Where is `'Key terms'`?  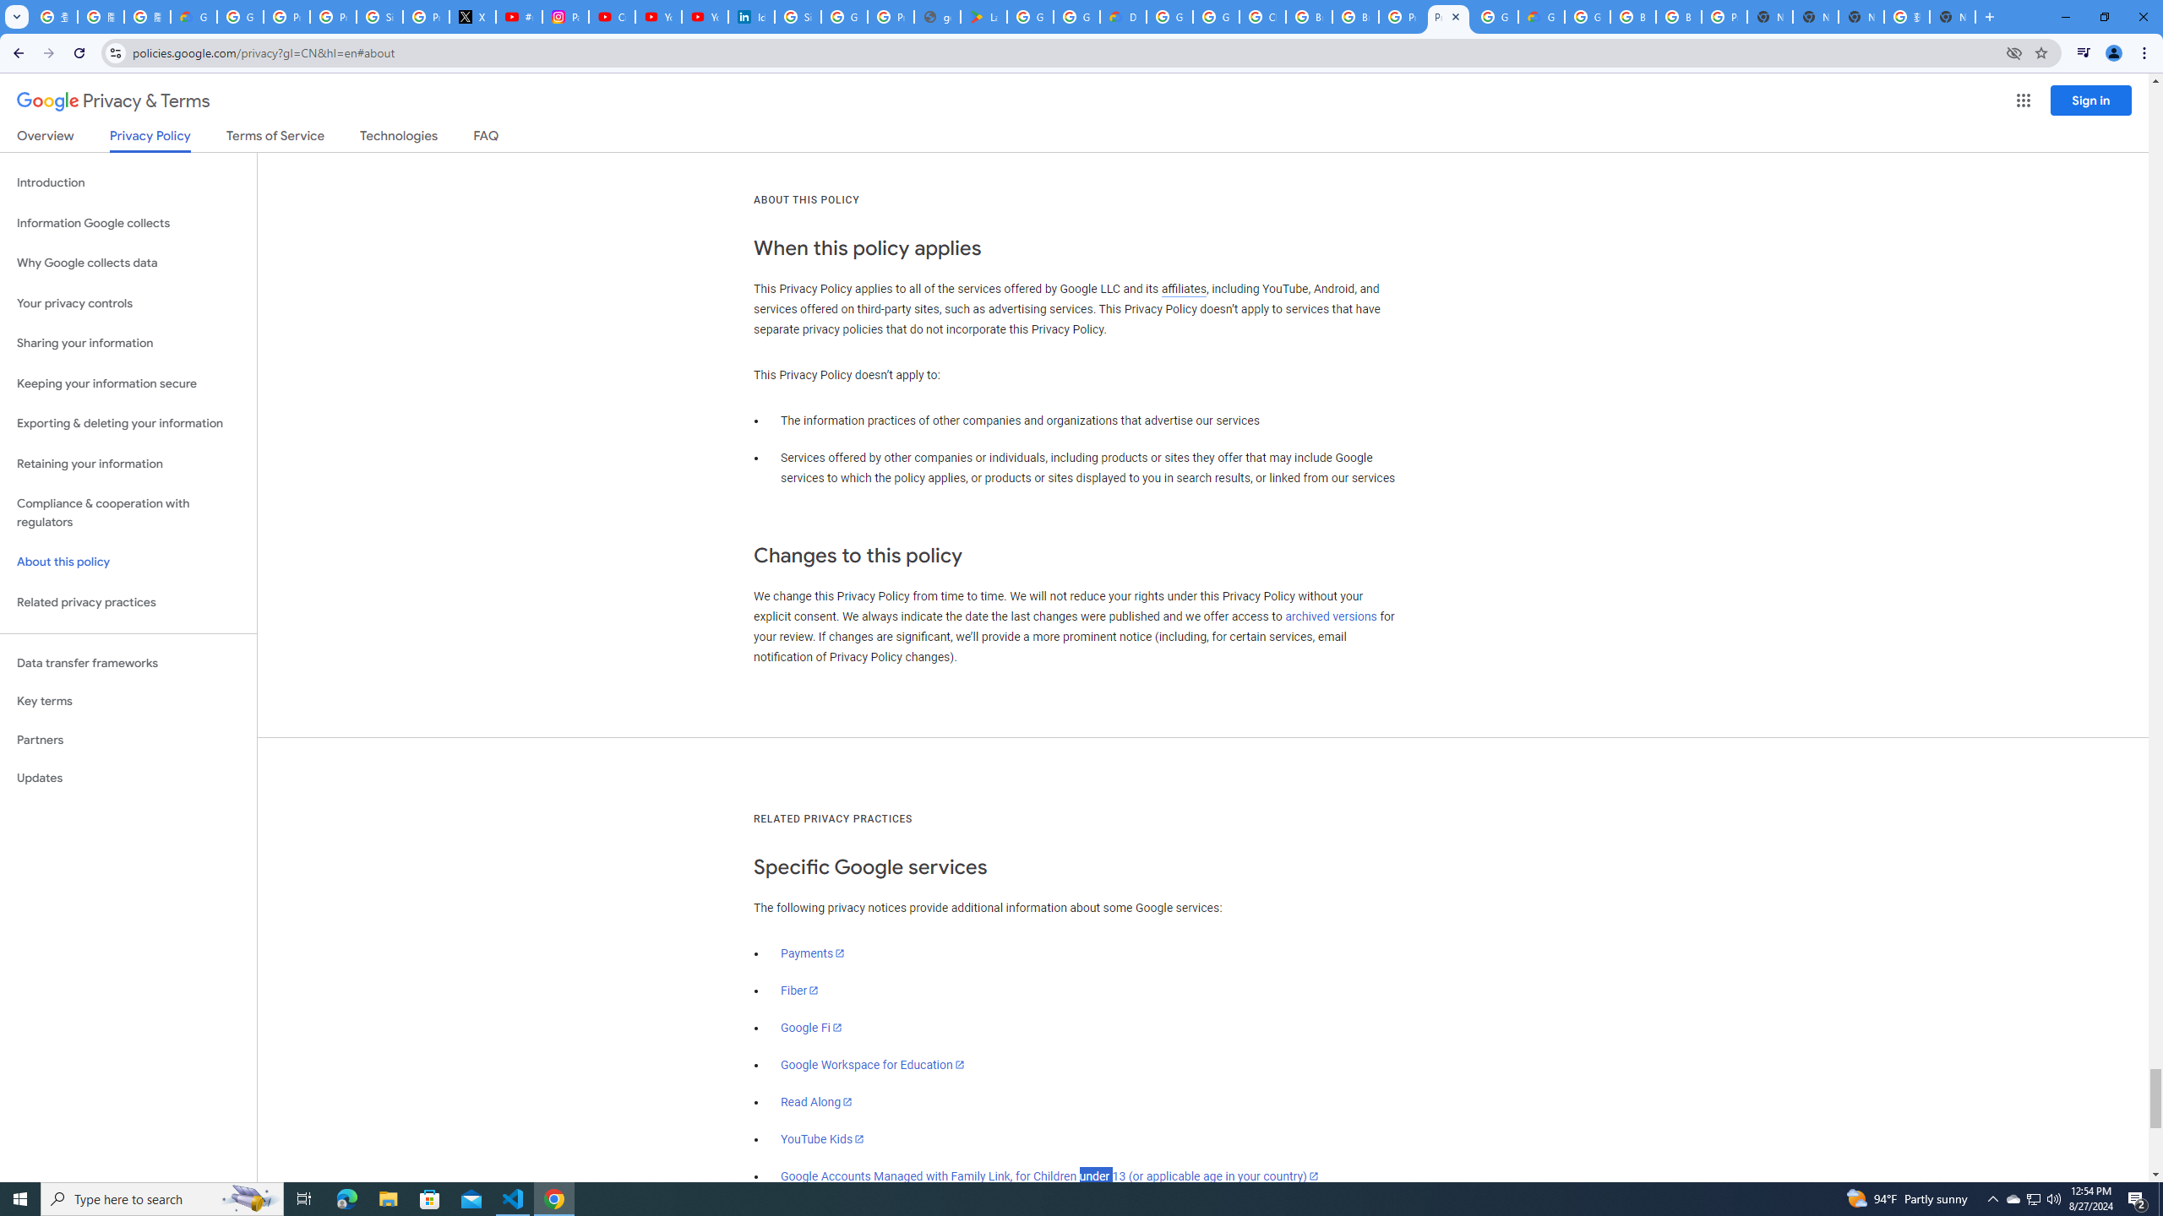 'Key terms' is located at coordinates (128, 701).